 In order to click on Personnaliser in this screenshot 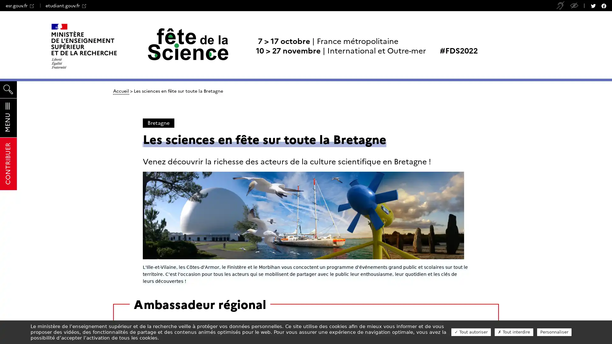, I will do `click(554, 332)`.